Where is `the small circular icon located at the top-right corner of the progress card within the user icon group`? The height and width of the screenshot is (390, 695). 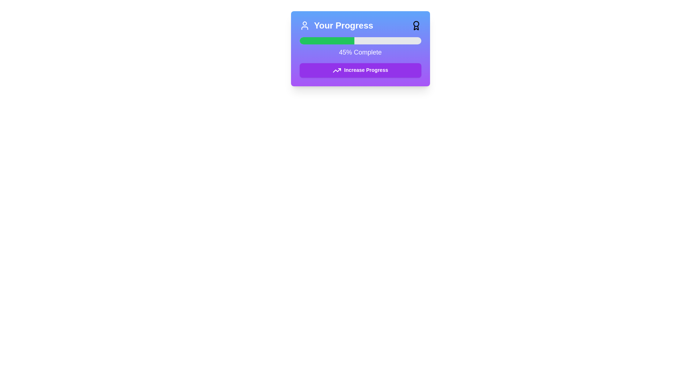
the small circular icon located at the top-right corner of the progress card within the user icon group is located at coordinates (304, 23).